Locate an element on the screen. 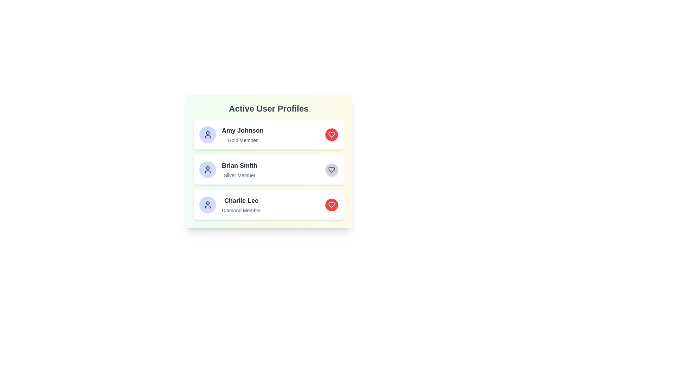 This screenshot has width=674, height=379. the circular red button with a white heart icon, located to the right of 'Charlie Lee', to interact with it is located at coordinates (331, 205).